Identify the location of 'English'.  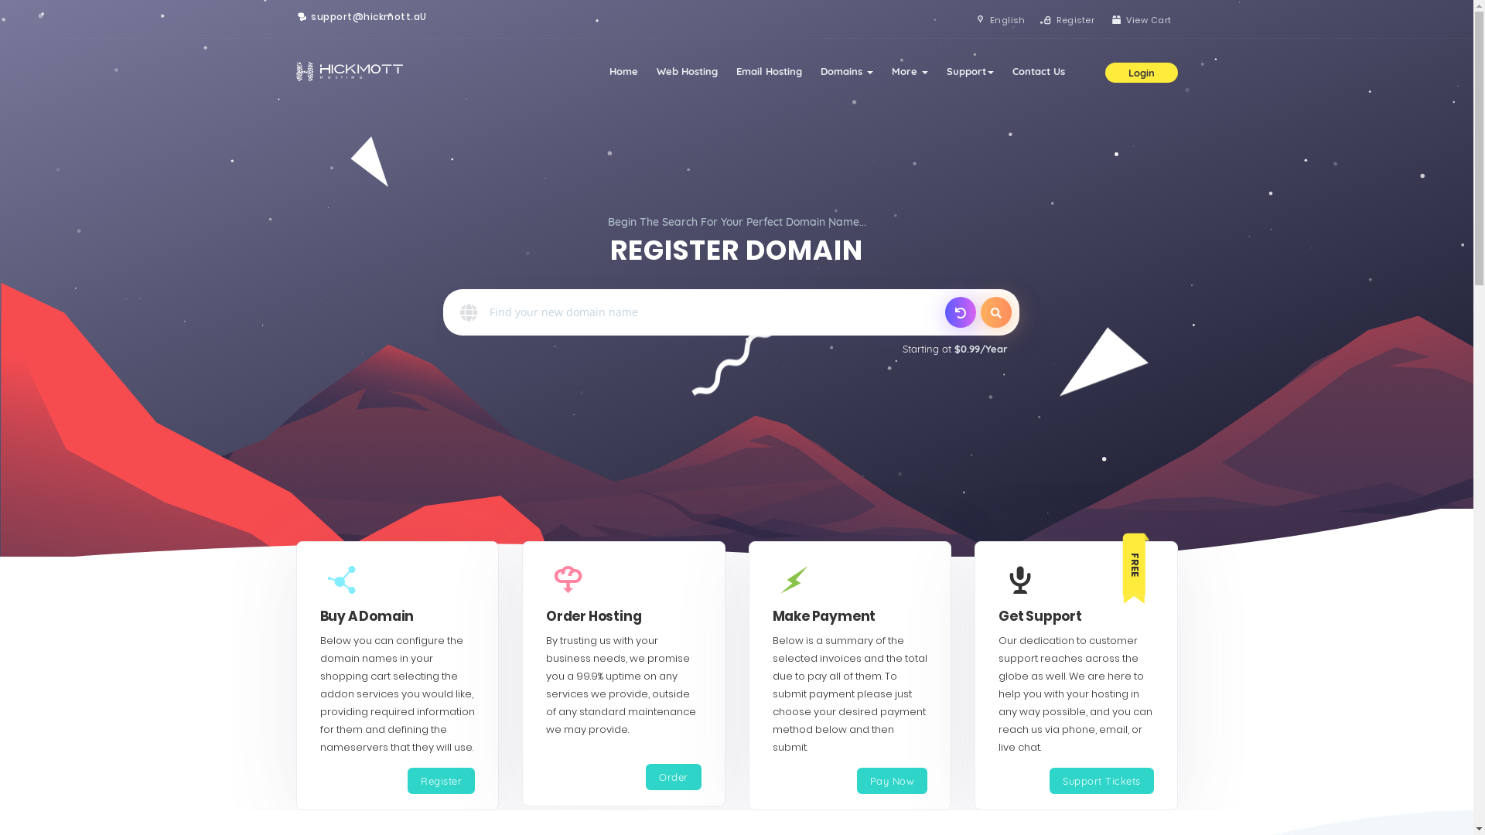
(967, 20).